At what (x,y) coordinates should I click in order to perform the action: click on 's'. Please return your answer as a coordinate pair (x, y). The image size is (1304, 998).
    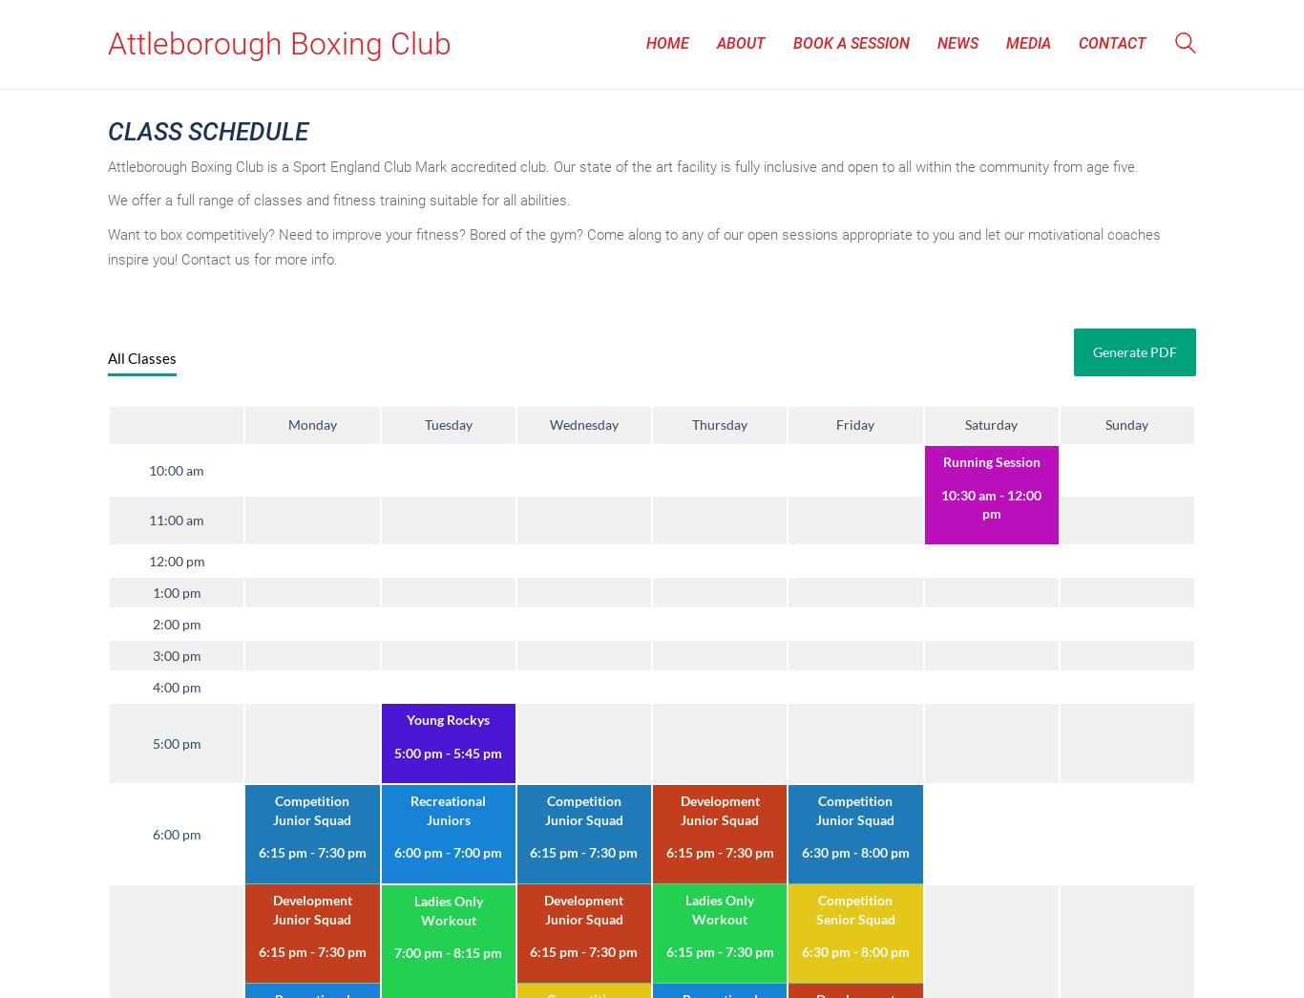
    Looking at the image, I should click on (1056, 40).